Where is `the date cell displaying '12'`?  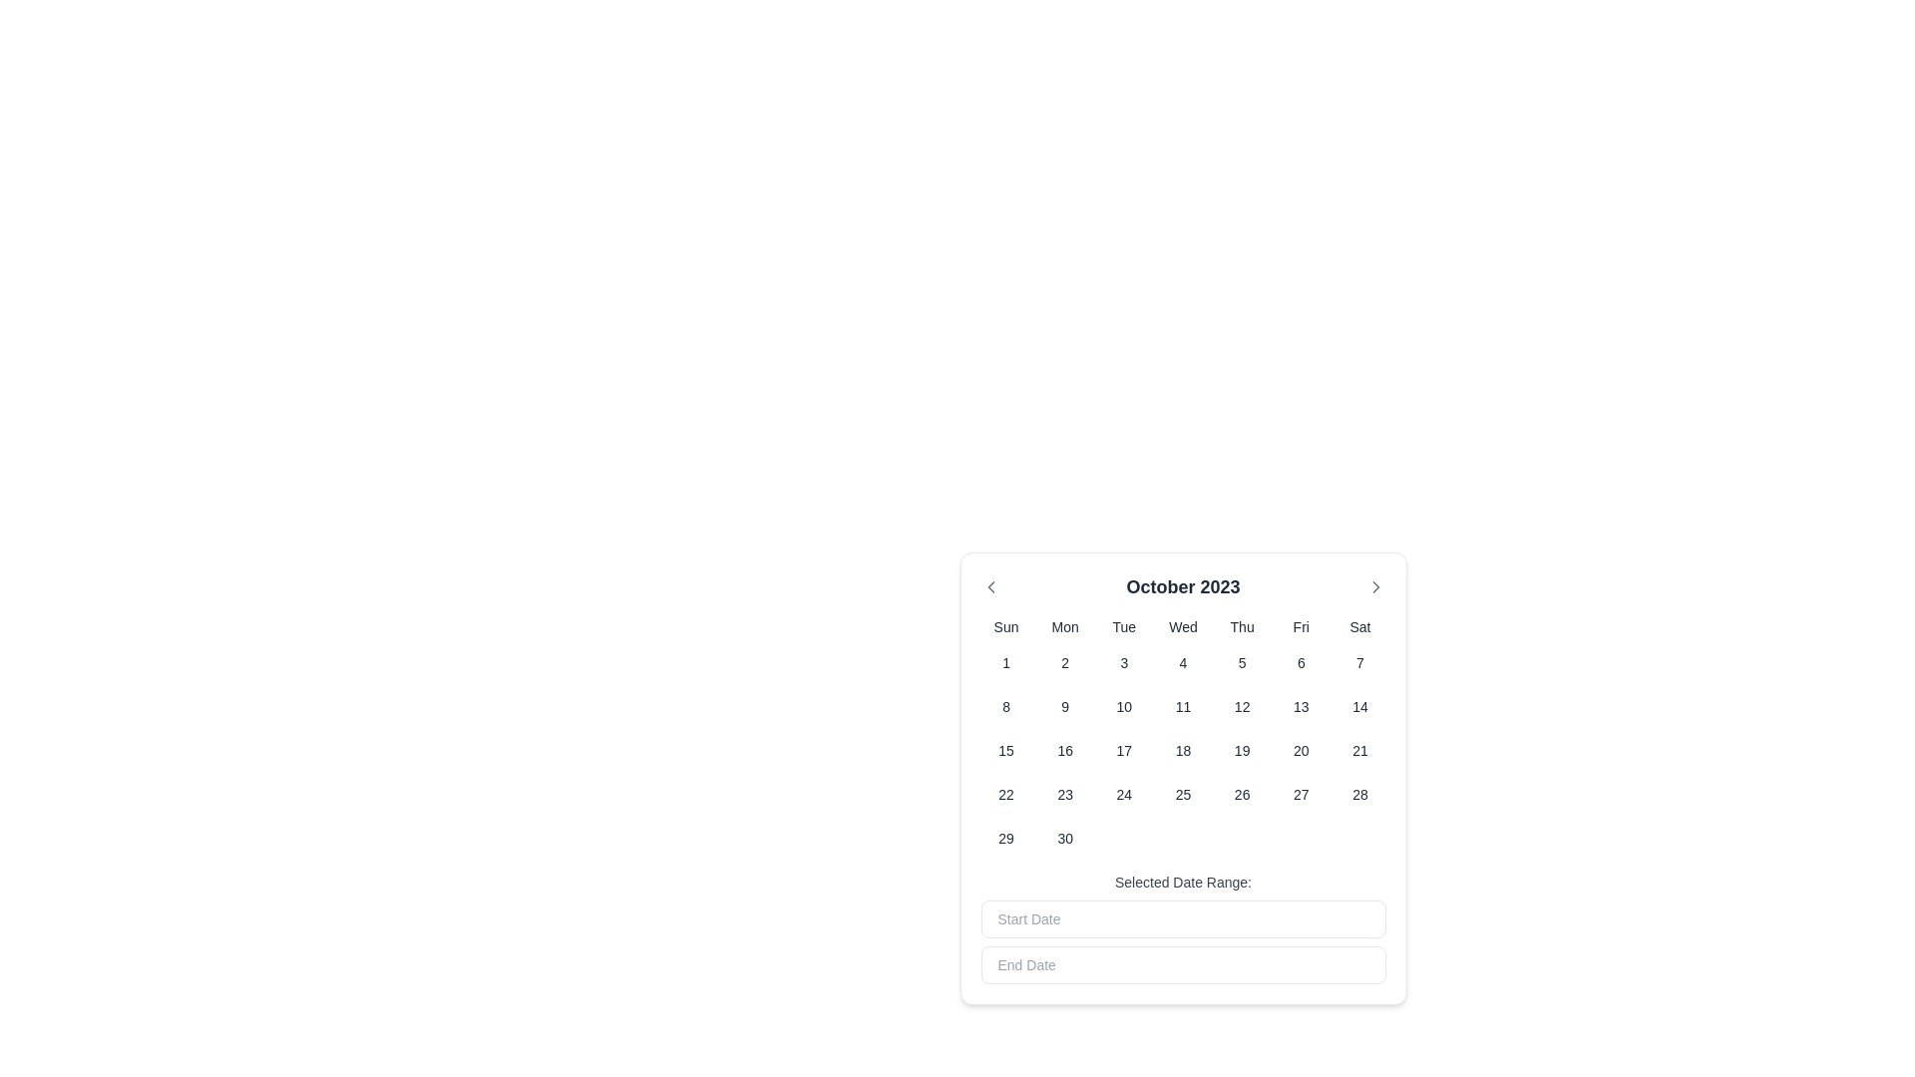 the date cell displaying '12' is located at coordinates (1240, 706).